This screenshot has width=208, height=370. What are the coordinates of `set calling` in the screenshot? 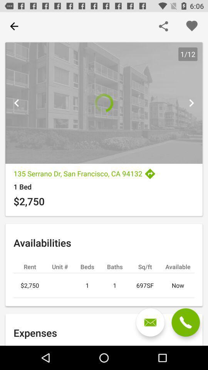 It's located at (185, 322).